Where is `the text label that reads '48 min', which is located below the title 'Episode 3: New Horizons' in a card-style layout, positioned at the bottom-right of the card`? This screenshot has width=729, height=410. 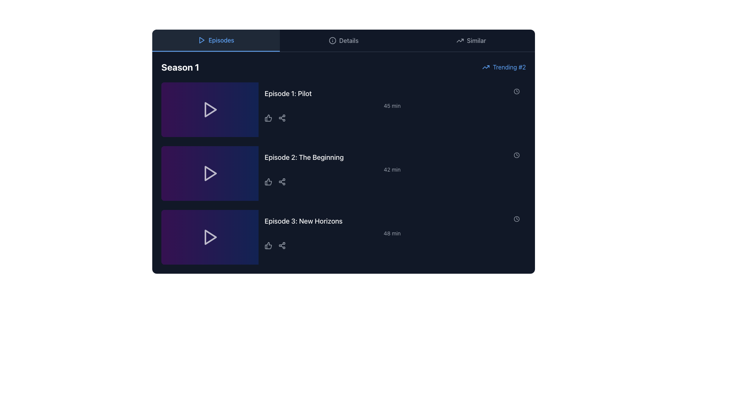 the text label that reads '48 min', which is located below the title 'Episode 3: New Horizons' in a card-style layout, positioned at the bottom-right of the card is located at coordinates (392, 233).